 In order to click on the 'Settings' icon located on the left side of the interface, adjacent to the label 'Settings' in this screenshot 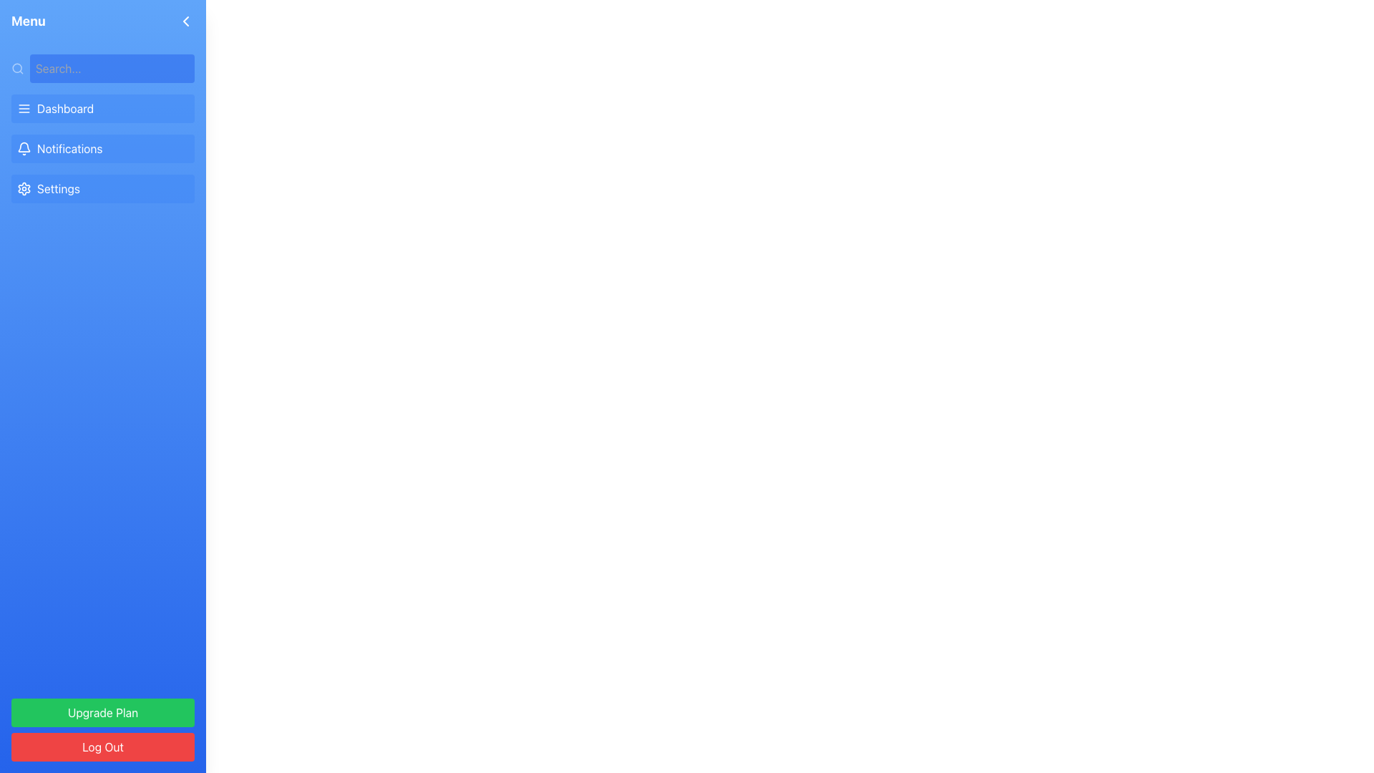, I will do `click(24, 188)`.